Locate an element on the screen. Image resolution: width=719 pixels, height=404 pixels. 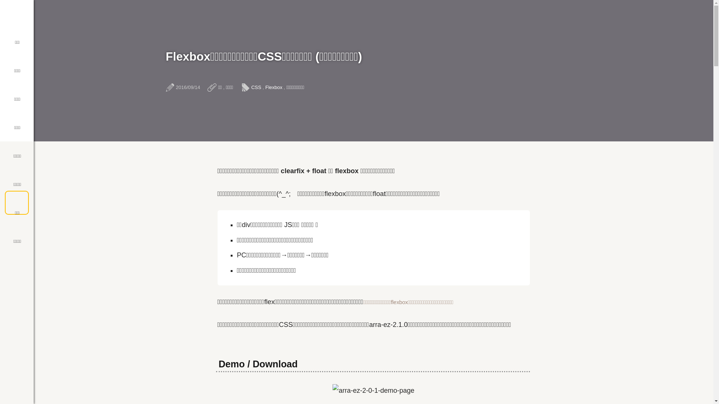
'CSS' is located at coordinates (256, 87).